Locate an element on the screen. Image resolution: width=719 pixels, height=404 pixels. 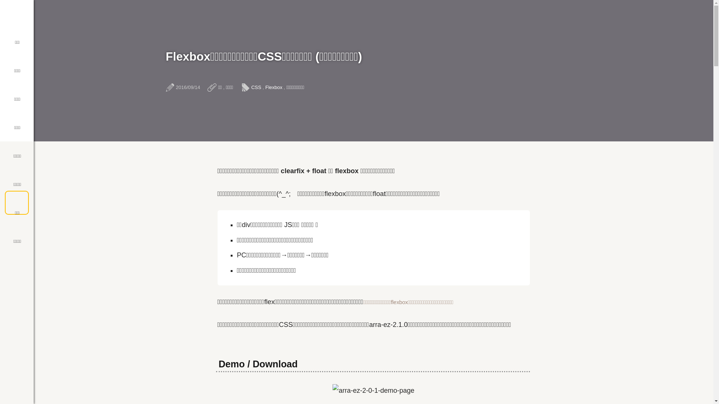
'CSS' is located at coordinates (256, 87).